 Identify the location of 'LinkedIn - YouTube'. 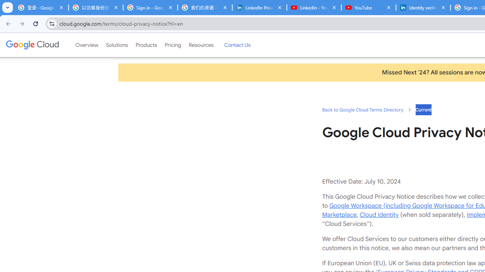
(314, 8).